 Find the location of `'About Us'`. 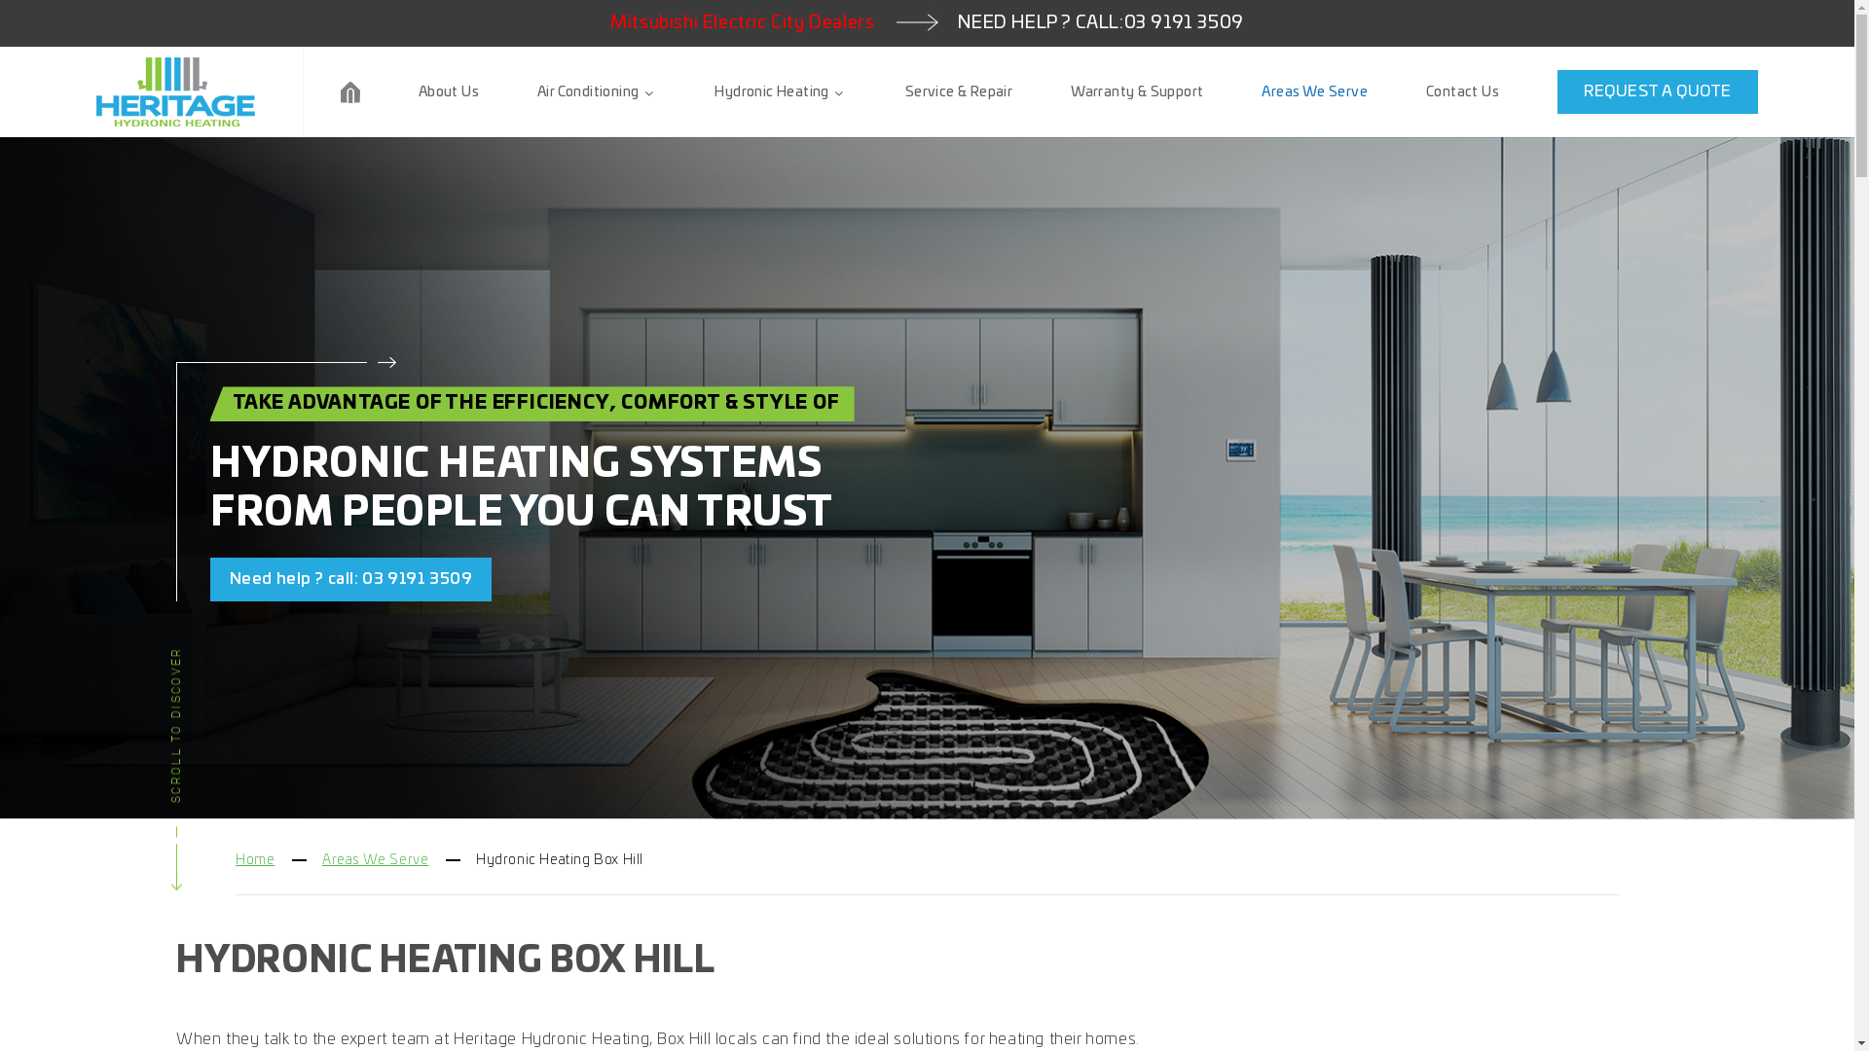

'About Us' is located at coordinates (447, 91).